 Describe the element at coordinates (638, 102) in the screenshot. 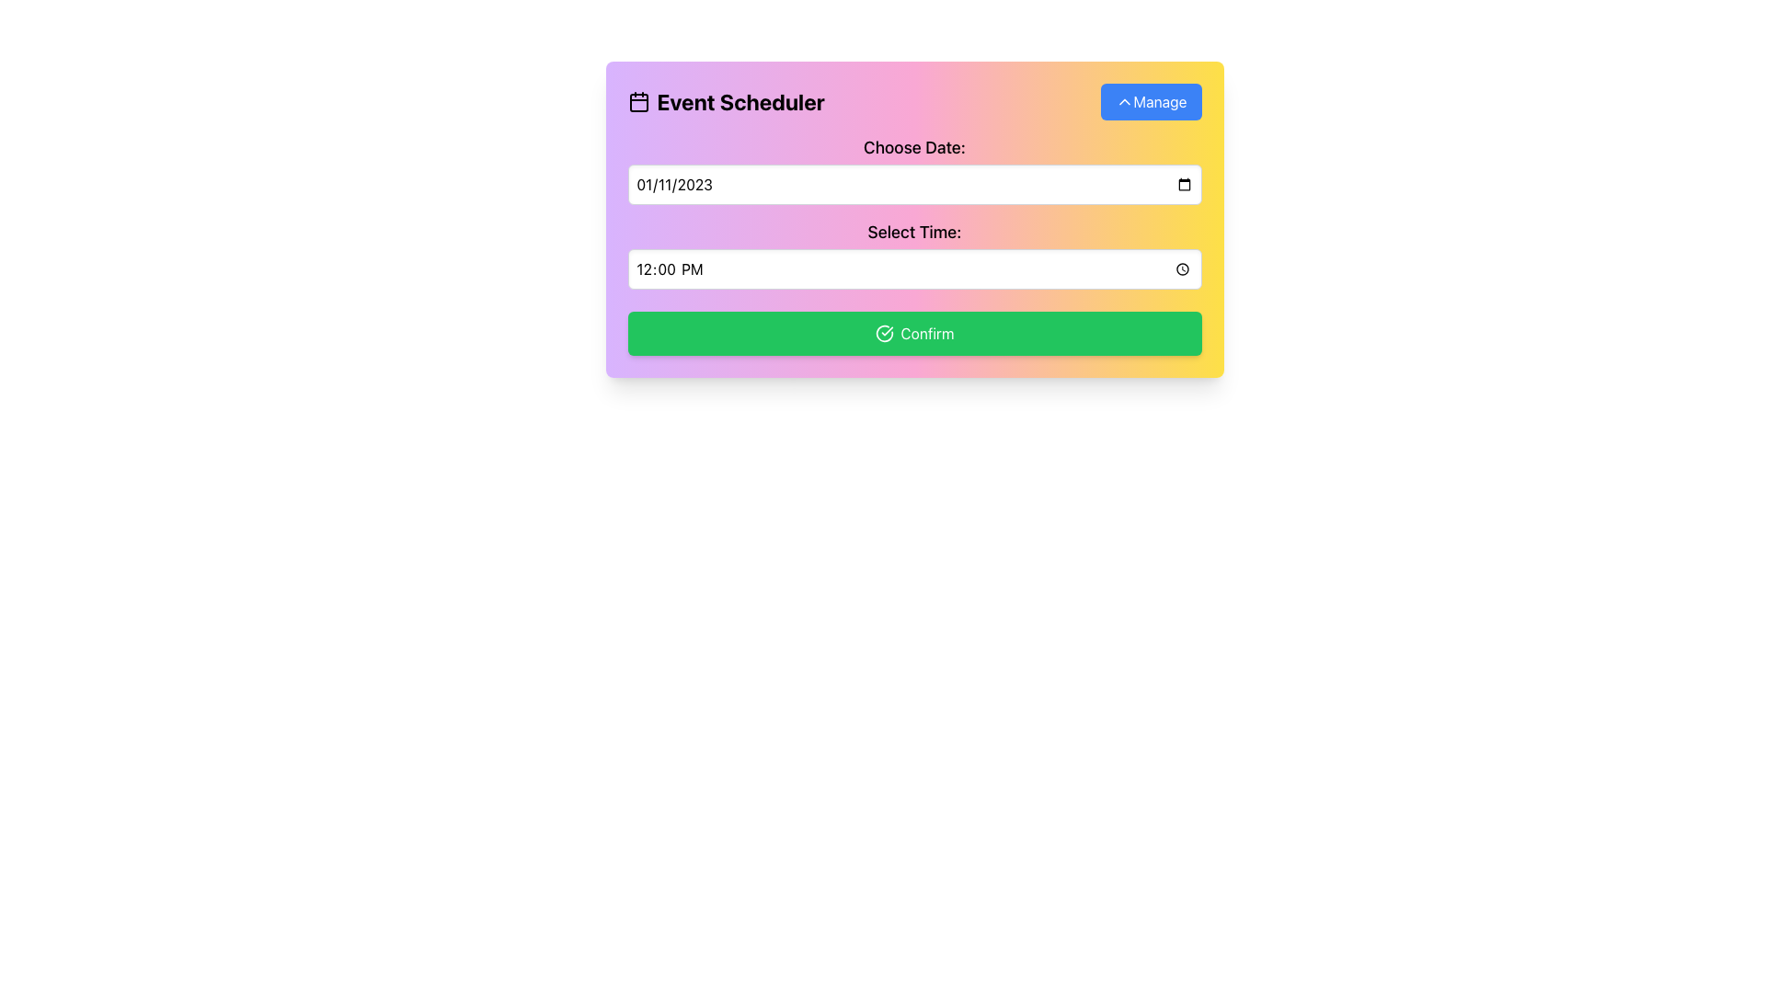

I see `the calendar icon located to the left of the 'Event Scheduler' text in the header section of the application interface` at that location.